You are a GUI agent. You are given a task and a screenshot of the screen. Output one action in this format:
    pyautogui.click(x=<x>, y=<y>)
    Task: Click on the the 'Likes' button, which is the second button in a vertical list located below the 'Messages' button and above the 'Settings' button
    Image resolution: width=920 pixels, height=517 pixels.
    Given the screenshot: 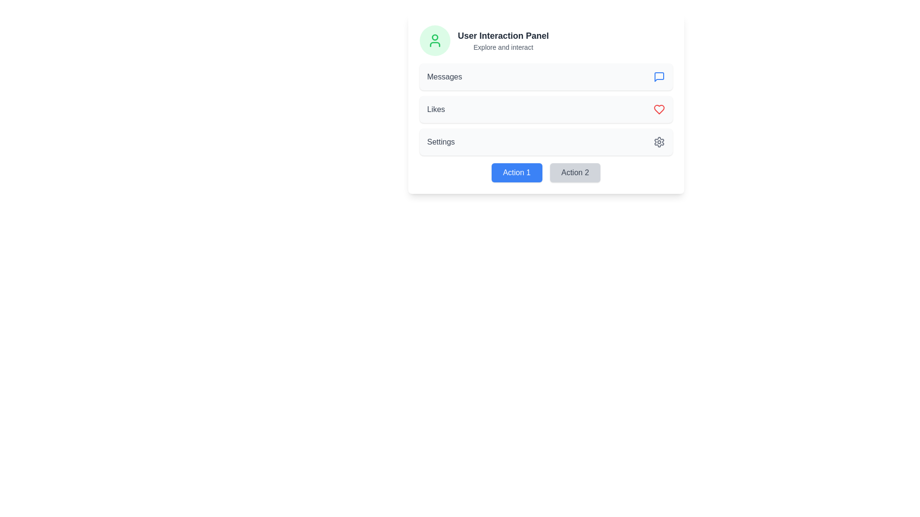 What is the action you would take?
    pyautogui.click(x=546, y=109)
    